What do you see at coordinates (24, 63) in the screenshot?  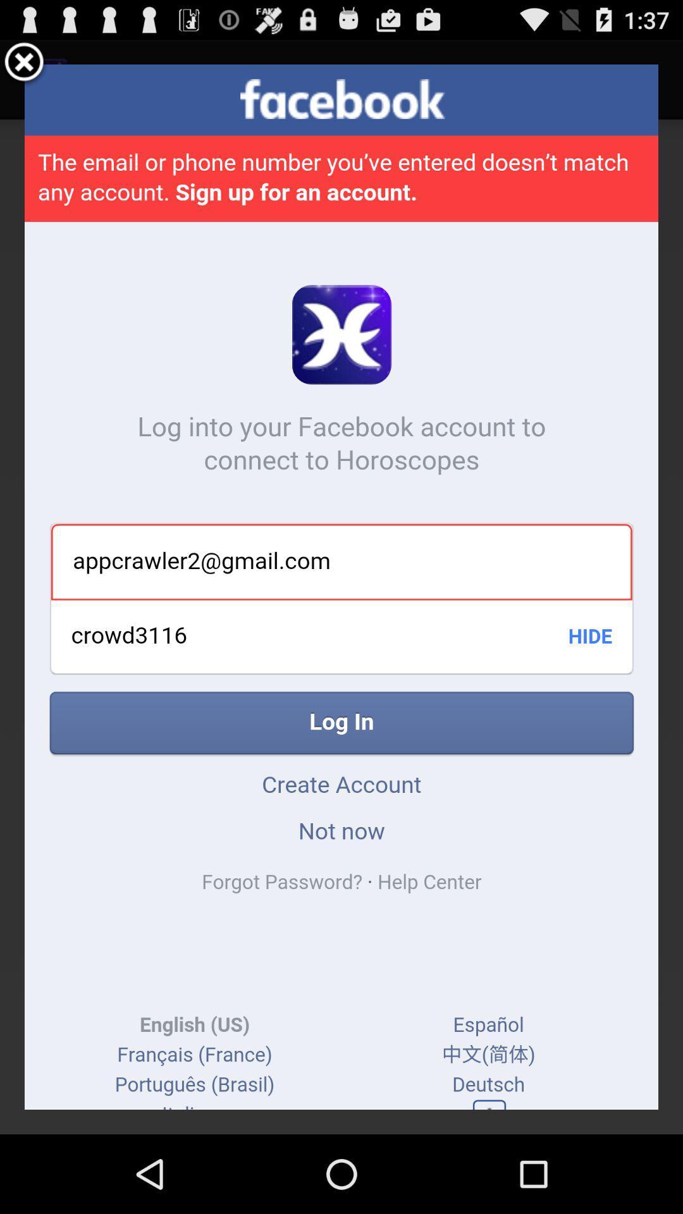 I see `window` at bounding box center [24, 63].